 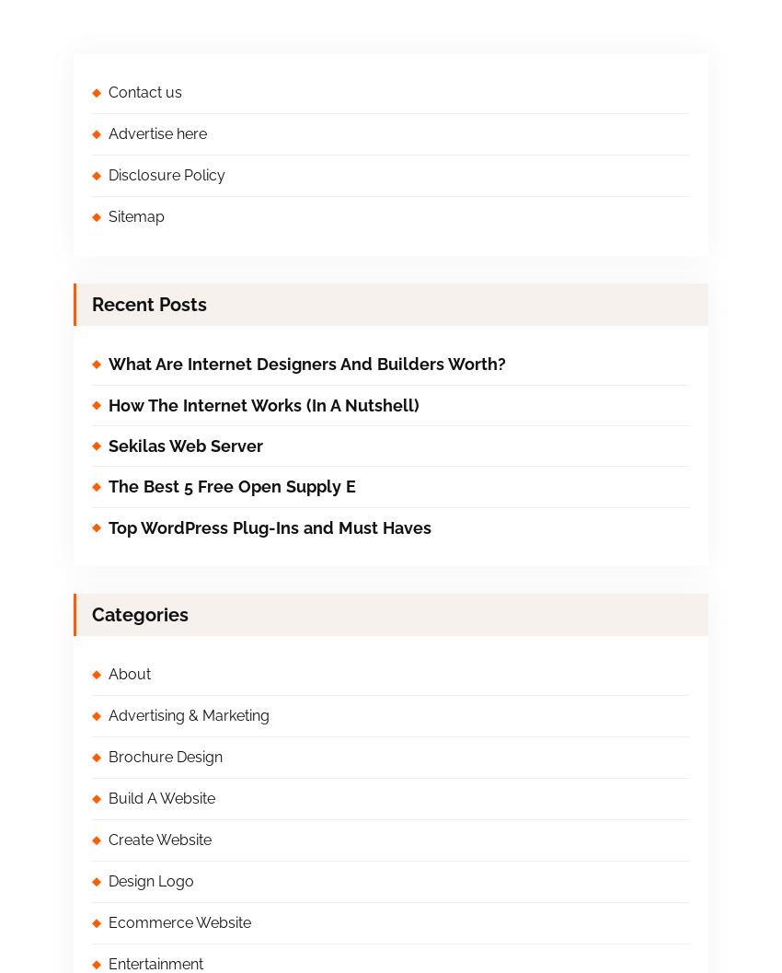 I want to click on 'Create Website', so click(x=158, y=840).